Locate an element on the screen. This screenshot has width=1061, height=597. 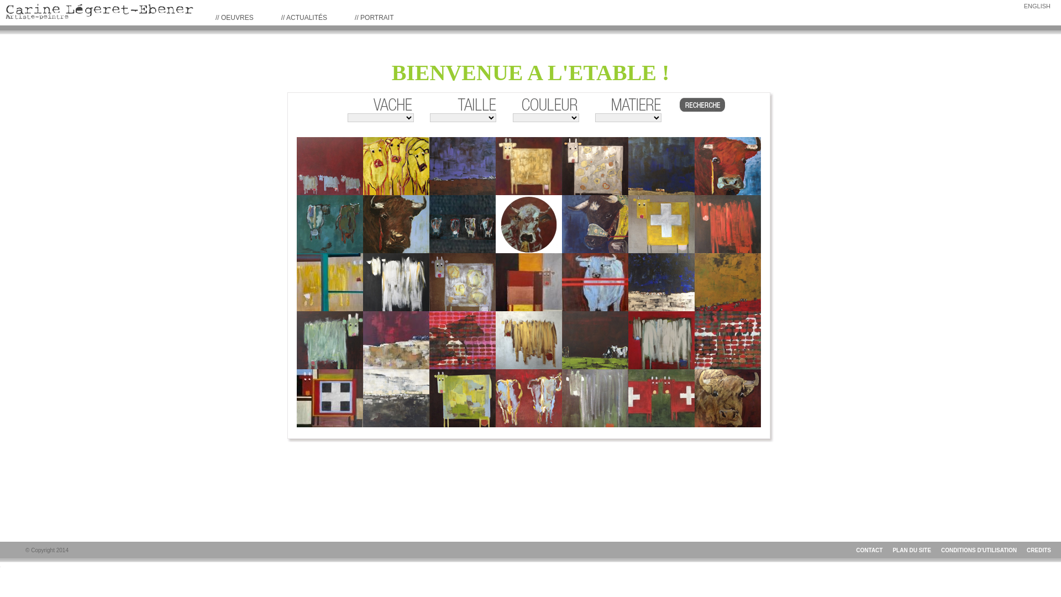
'// PORTRAIT' is located at coordinates (374, 17).